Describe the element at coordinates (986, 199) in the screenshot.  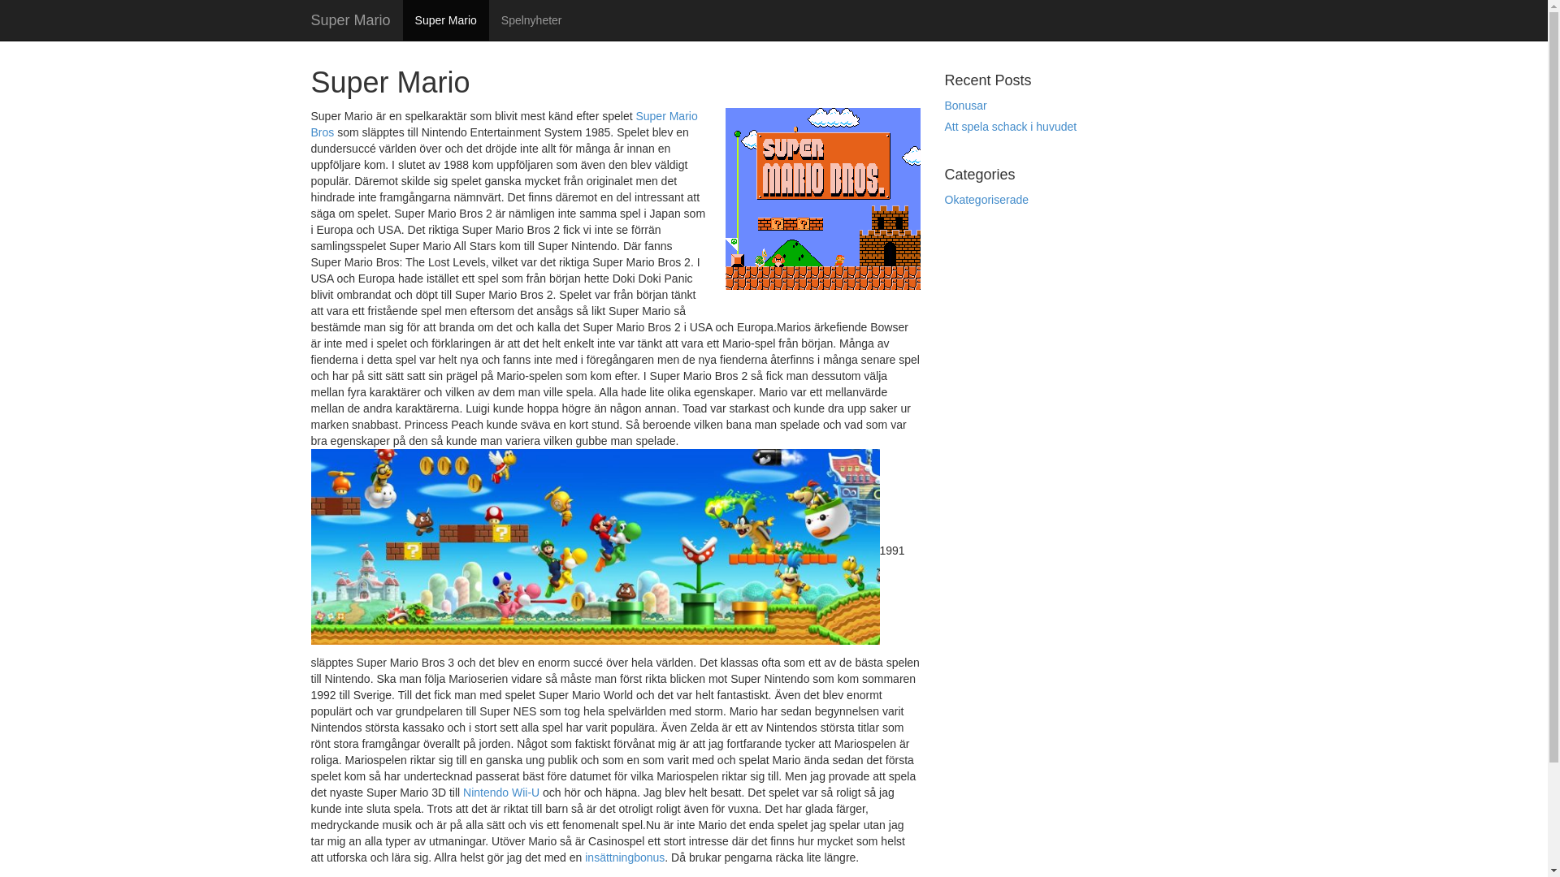
I see `'Okategoriserade'` at that location.